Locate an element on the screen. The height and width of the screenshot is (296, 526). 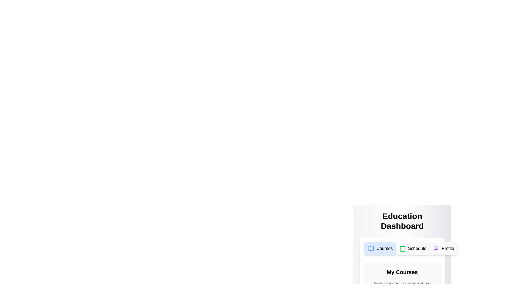
the small open book icon with a blue outline, located within a light blue rounded rectangular button labeled 'Courses' is located at coordinates (371, 248).